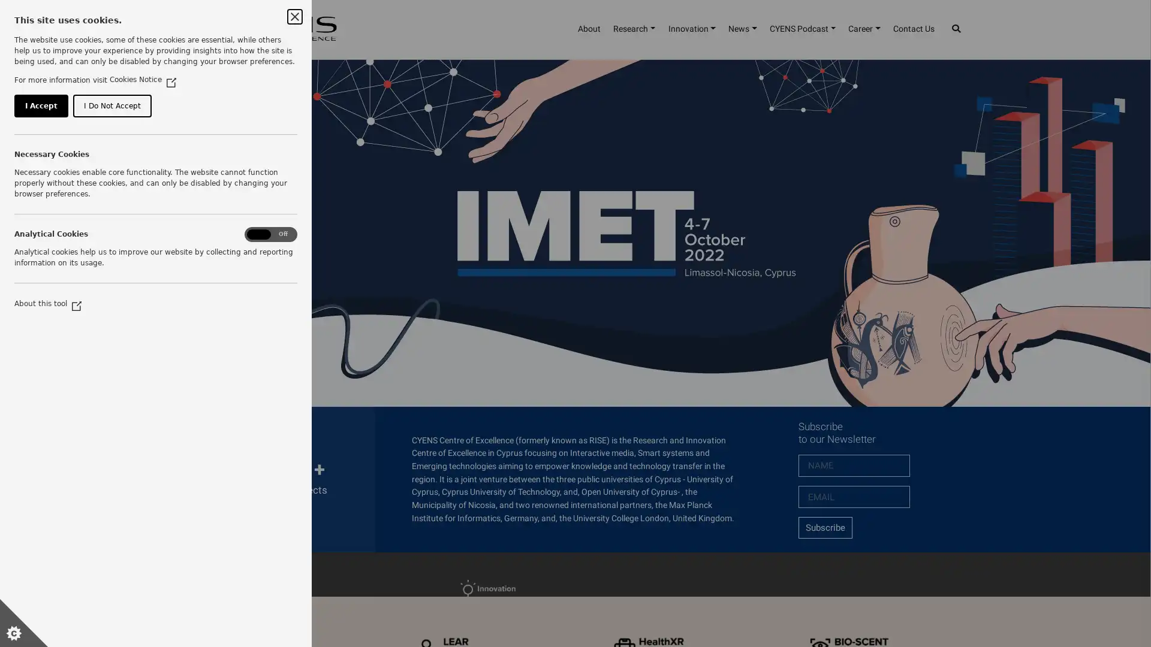  What do you see at coordinates (132, 162) in the screenshot?
I see `I Do Not Accept` at bounding box center [132, 162].